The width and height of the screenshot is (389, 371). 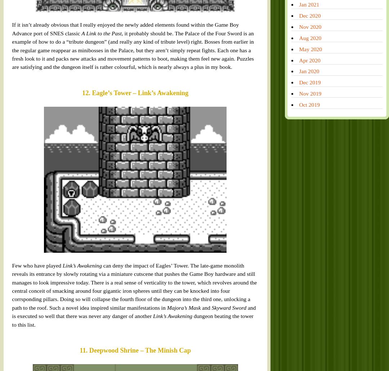 What do you see at coordinates (258, 40) in the screenshot?
I see `'Feb 2018'` at bounding box center [258, 40].